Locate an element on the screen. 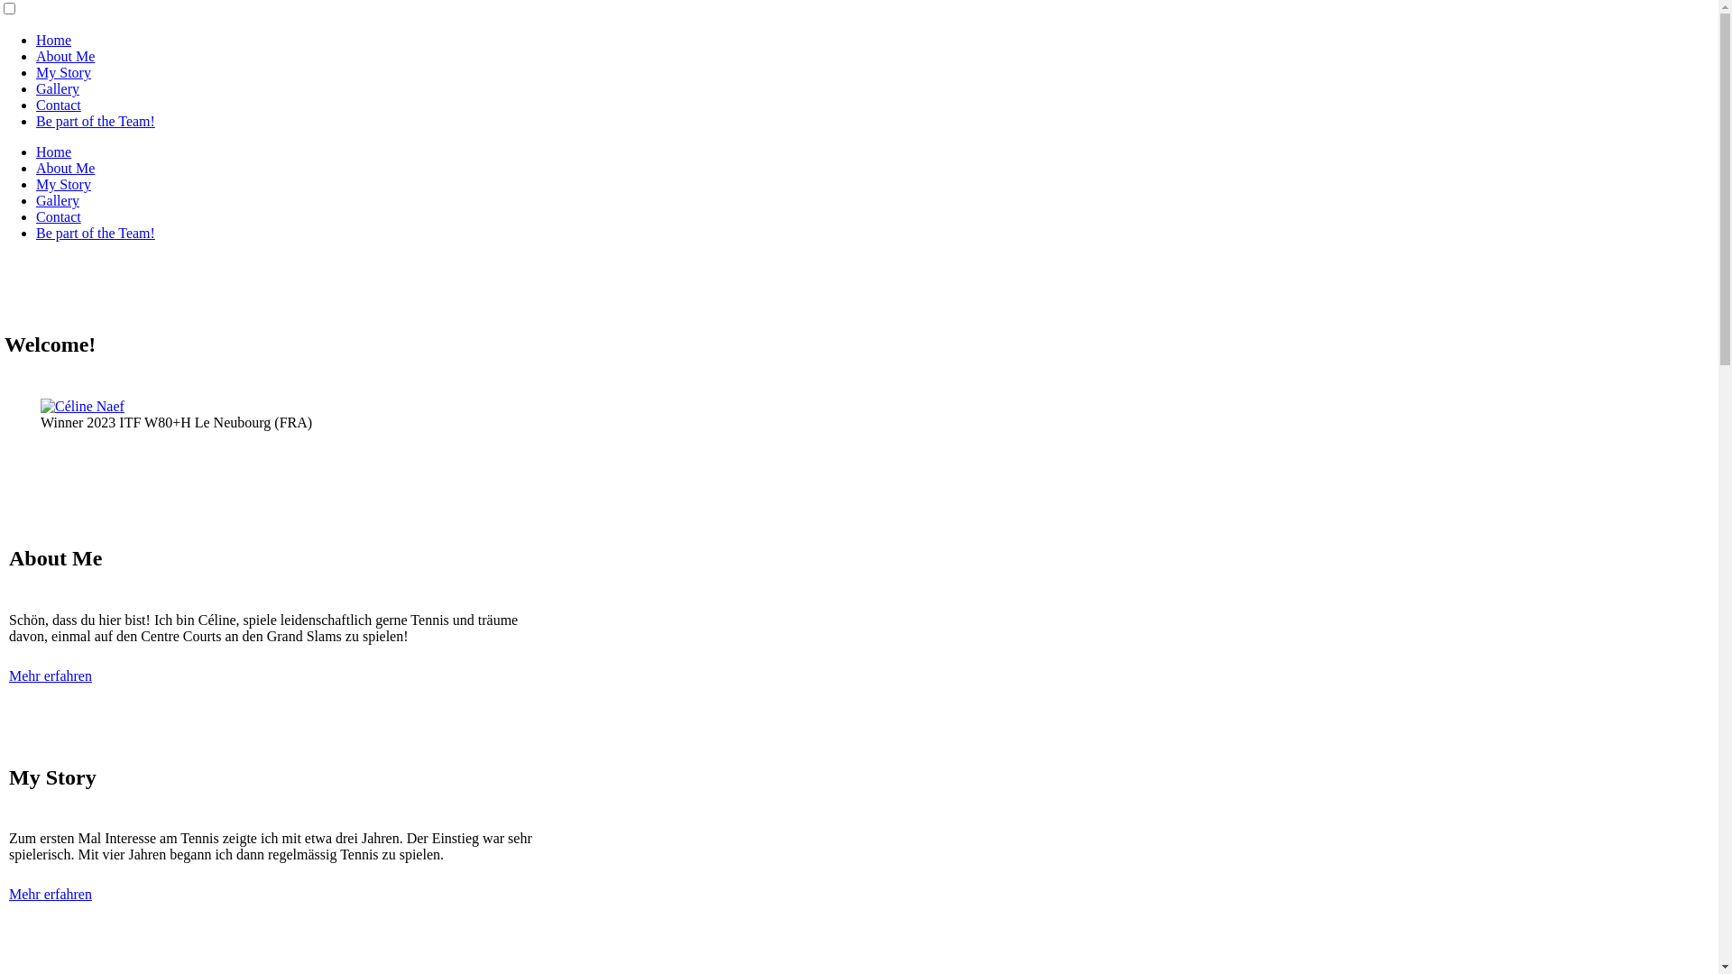  'Gallery' is located at coordinates (57, 200).